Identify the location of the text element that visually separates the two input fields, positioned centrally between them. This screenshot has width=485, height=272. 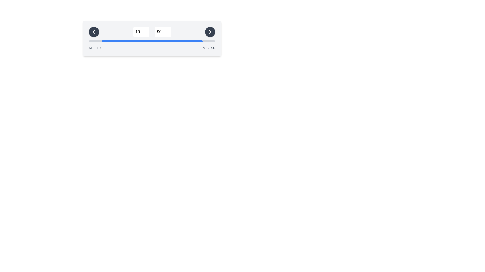
(152, 32).